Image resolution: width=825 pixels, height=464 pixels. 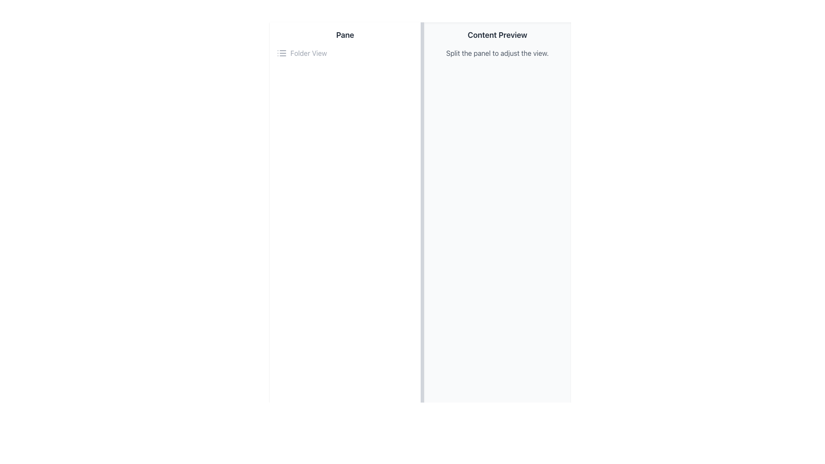 What do you see at coordinates (497, 34) in the screenshot?
I see `the 'Content Preview' text label, which is prominently displayed at the top of a panel section with a light gray background, using a large and bold dark gray font` at bounding box center [497, 34].